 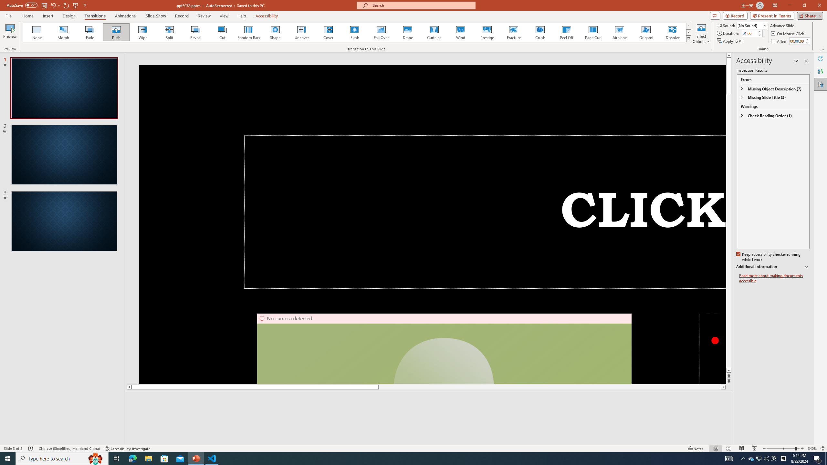 I want to click on 'Dissolve', so click(x=672, y=32).